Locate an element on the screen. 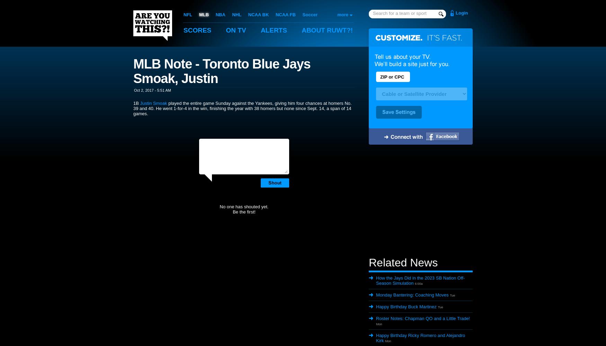  'Login' is located at coordinates (462, 13).